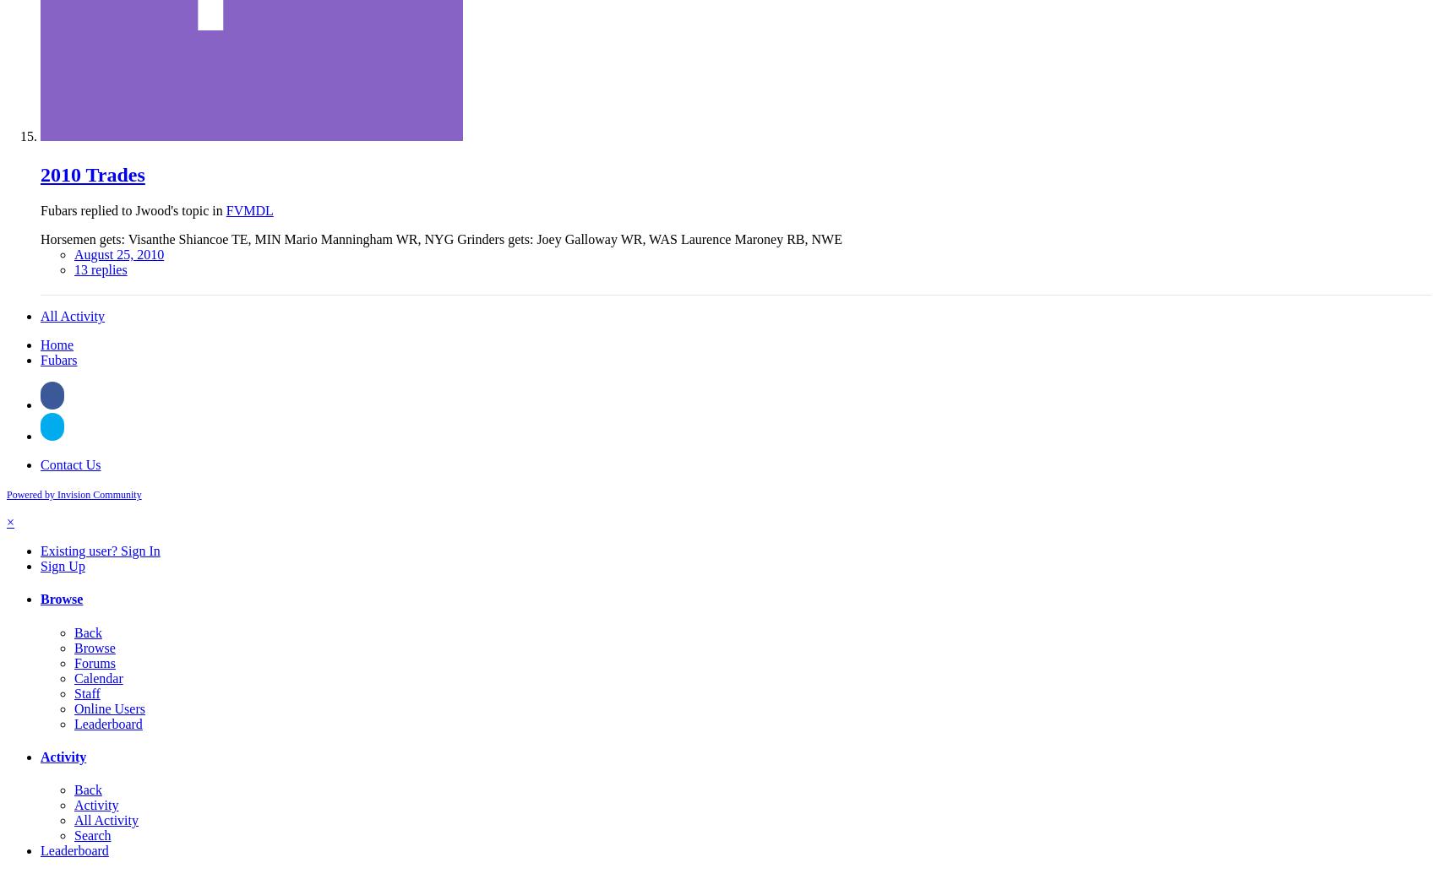 The height and width of the screenshot is (890, 1438). I want to click on '13 replies', so click(74, 269).